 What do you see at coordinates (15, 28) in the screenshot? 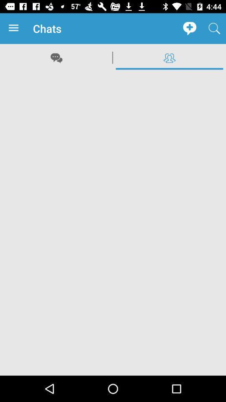
I see `app next to chats item` at bounding box center [15, 28].